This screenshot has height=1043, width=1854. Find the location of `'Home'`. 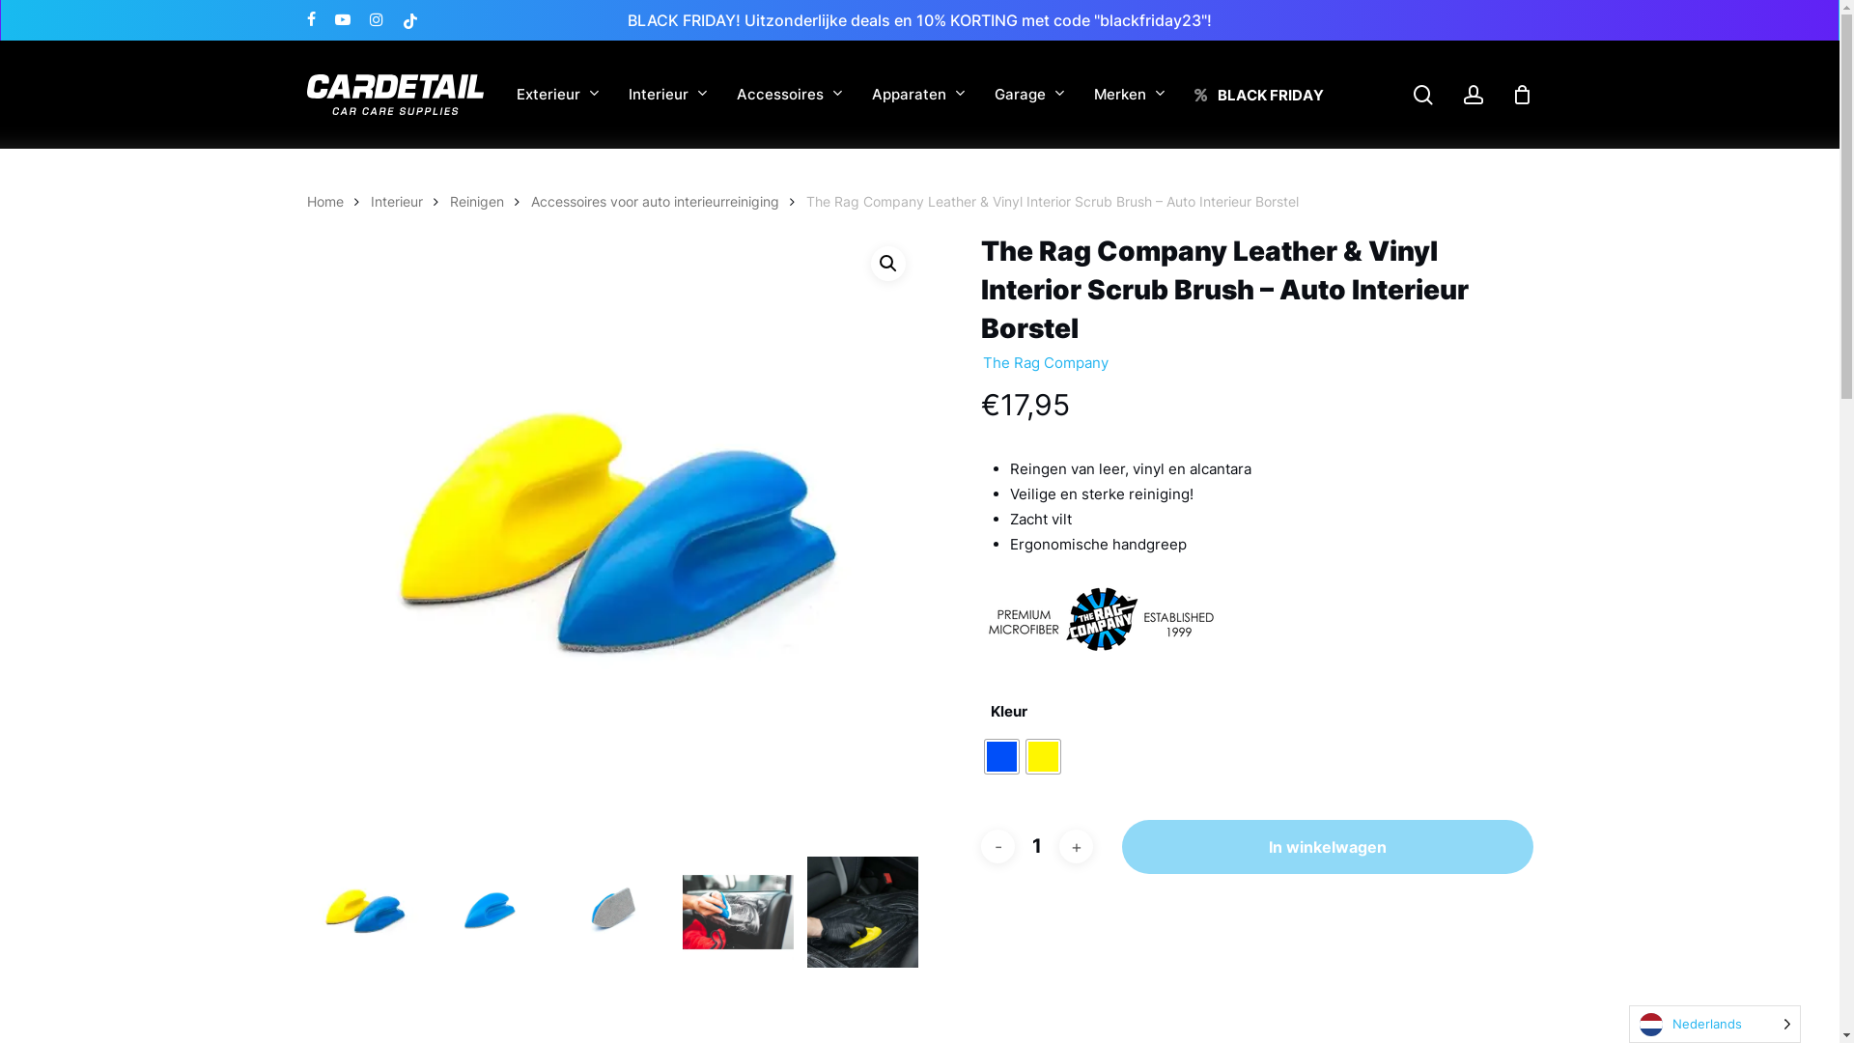

'Home' is located at coordinates (324, 201).